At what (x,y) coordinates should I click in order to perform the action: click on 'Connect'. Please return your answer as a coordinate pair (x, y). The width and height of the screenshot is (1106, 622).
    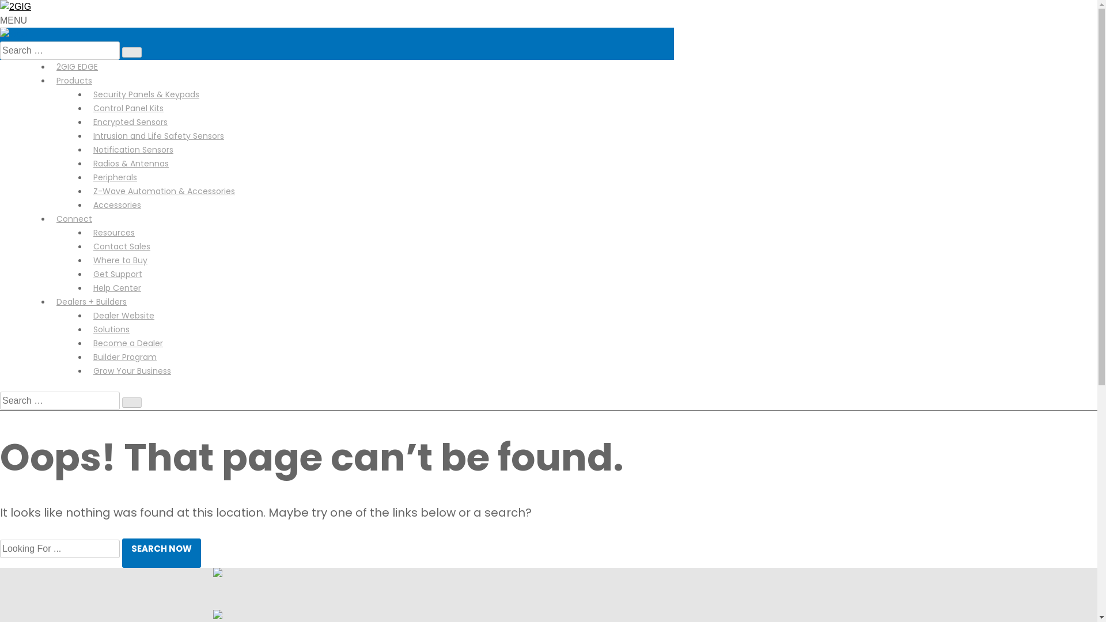
    Looking at the image, I should click on (74, 219).